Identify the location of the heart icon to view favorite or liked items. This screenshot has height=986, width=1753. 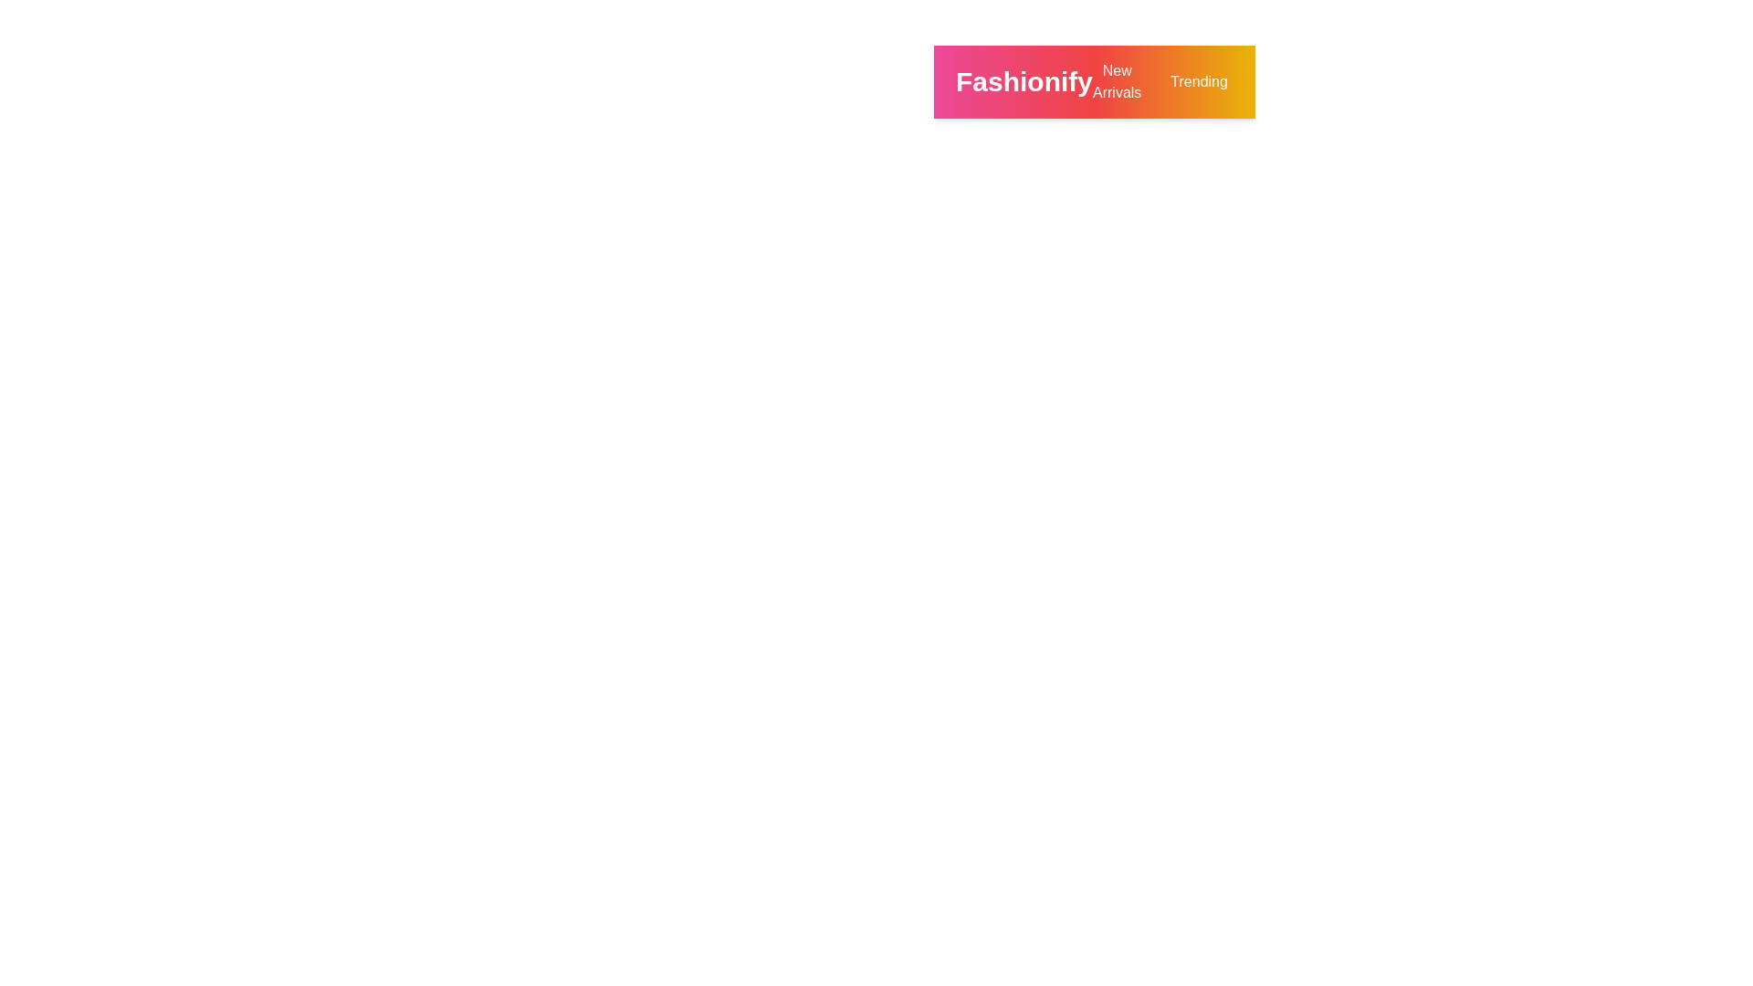
(1456, 80).